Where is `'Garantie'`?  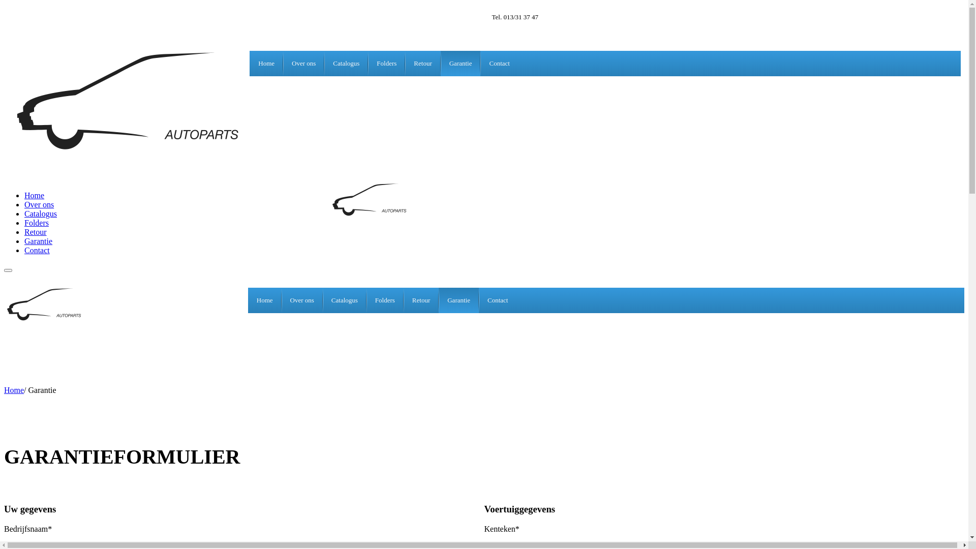
'Garantie' is located at coordinates (38, 241).